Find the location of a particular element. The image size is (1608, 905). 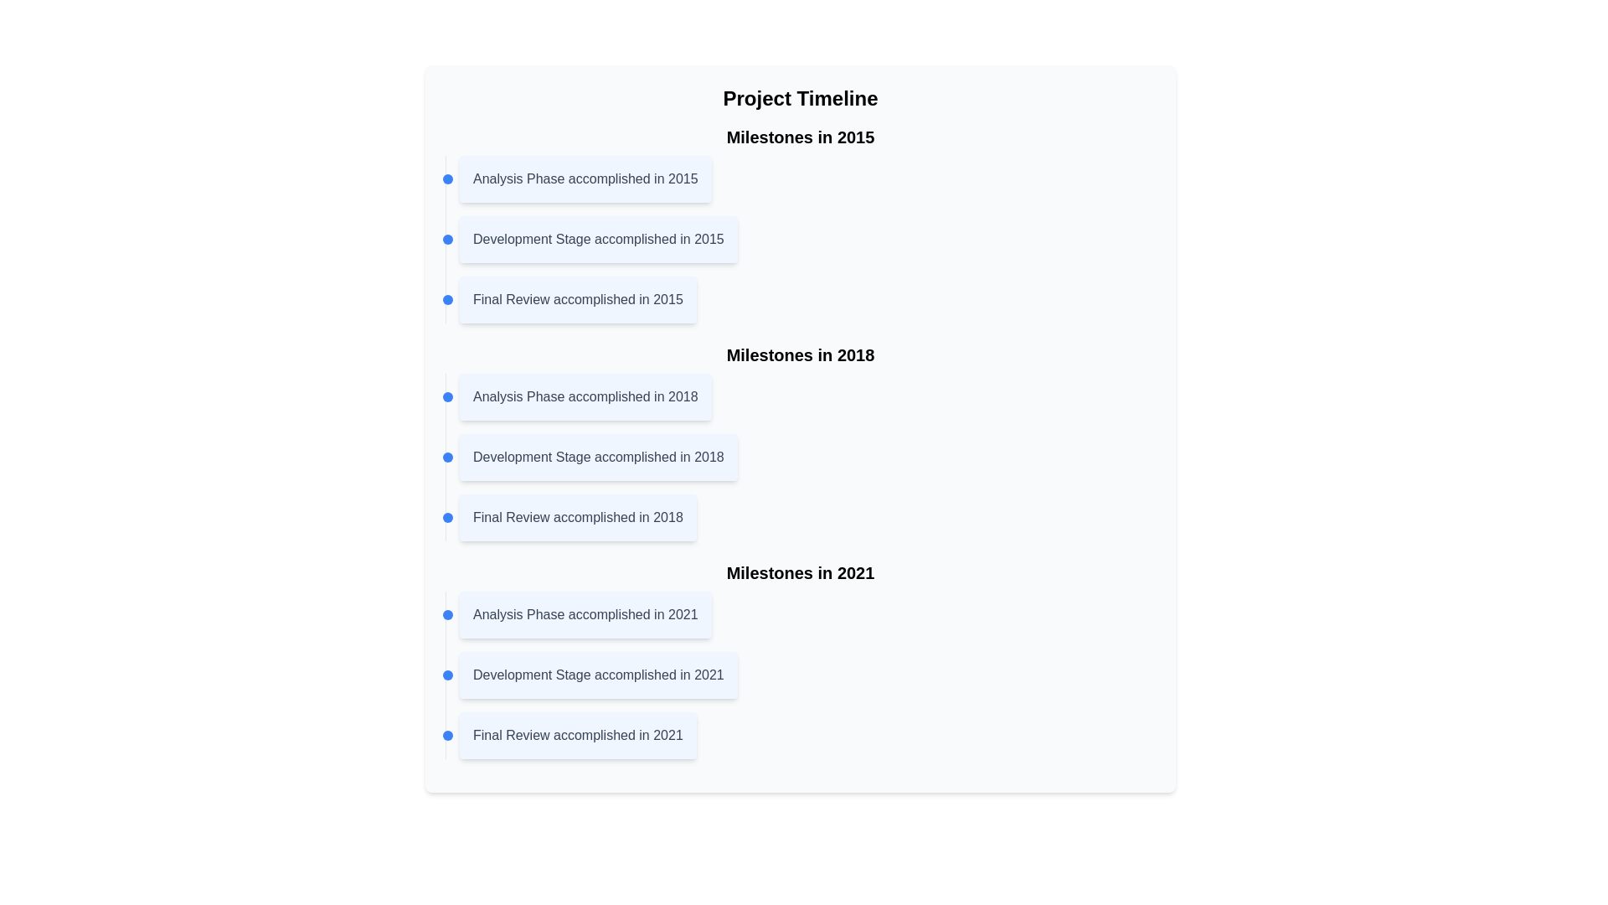

the Informational card that displays 'Final Review accomplished in 2015', which is the third item under 'Milestones in 2015' is located at coordinates (578, 299).